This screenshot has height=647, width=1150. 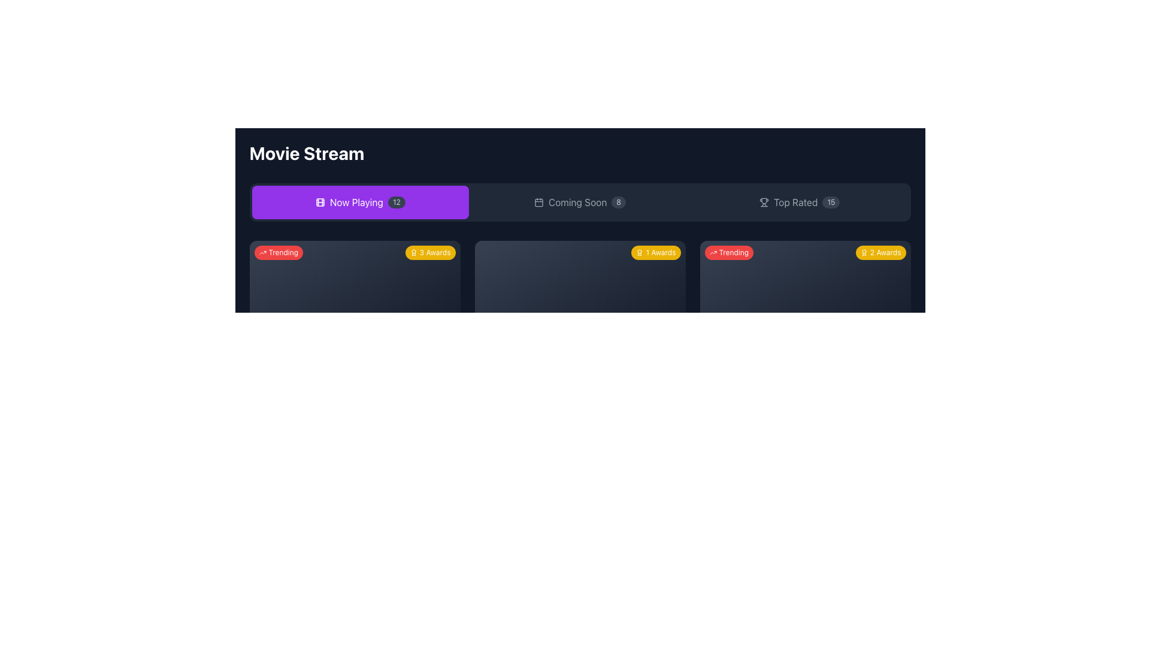 I want to click on the small gray badge displaying the number '15', which is positioned to the far right of the 'Top Rated' button, so click(x=830, y=202).